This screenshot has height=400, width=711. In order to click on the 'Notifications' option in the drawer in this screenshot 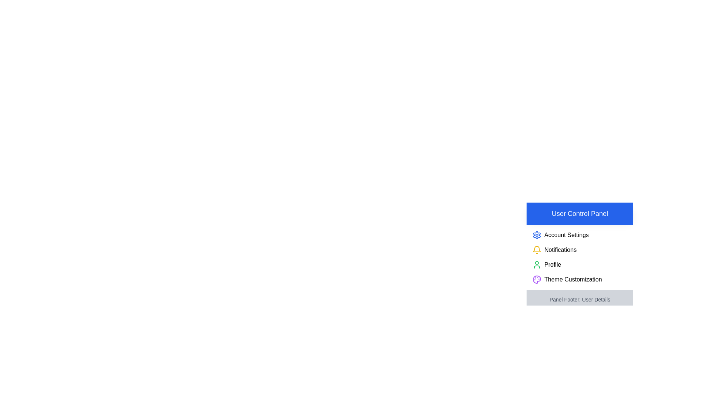, I will do `click(579, 250)`.